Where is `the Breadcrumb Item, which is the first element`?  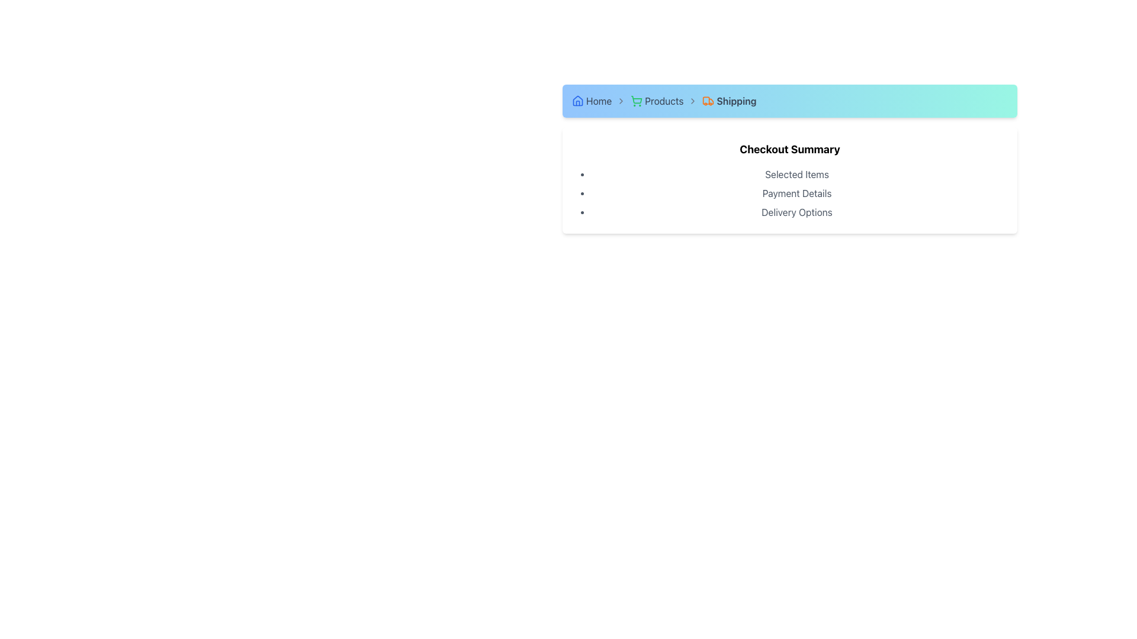 the Breadcrumb Item, which is the first element is located at coordinates (592, 100).